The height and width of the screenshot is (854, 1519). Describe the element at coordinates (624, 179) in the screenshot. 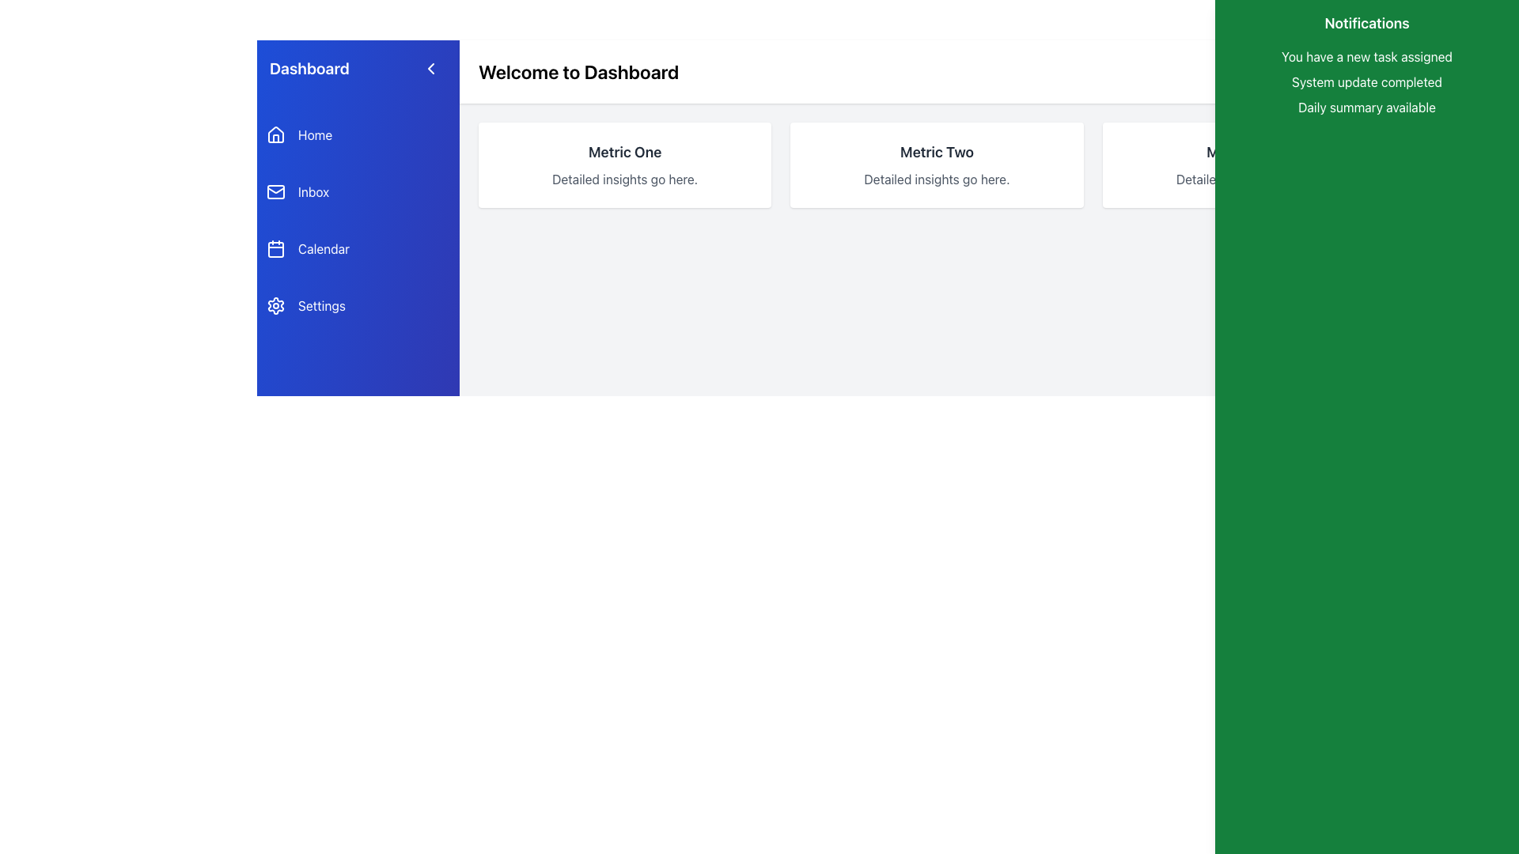

I see `the Text Label that provides additional context for the heading 'Metric One', centrally positioned in the lower half of the corresponding card` at that location.